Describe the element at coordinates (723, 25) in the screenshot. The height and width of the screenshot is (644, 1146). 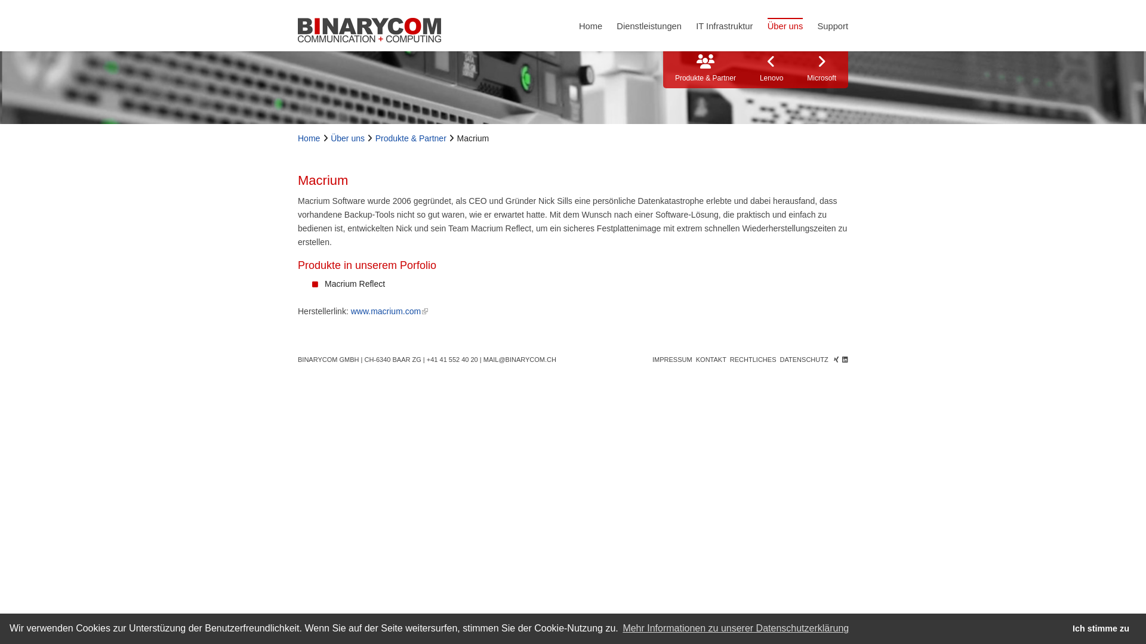
I see `'IT Infrastruktur'` at that location.